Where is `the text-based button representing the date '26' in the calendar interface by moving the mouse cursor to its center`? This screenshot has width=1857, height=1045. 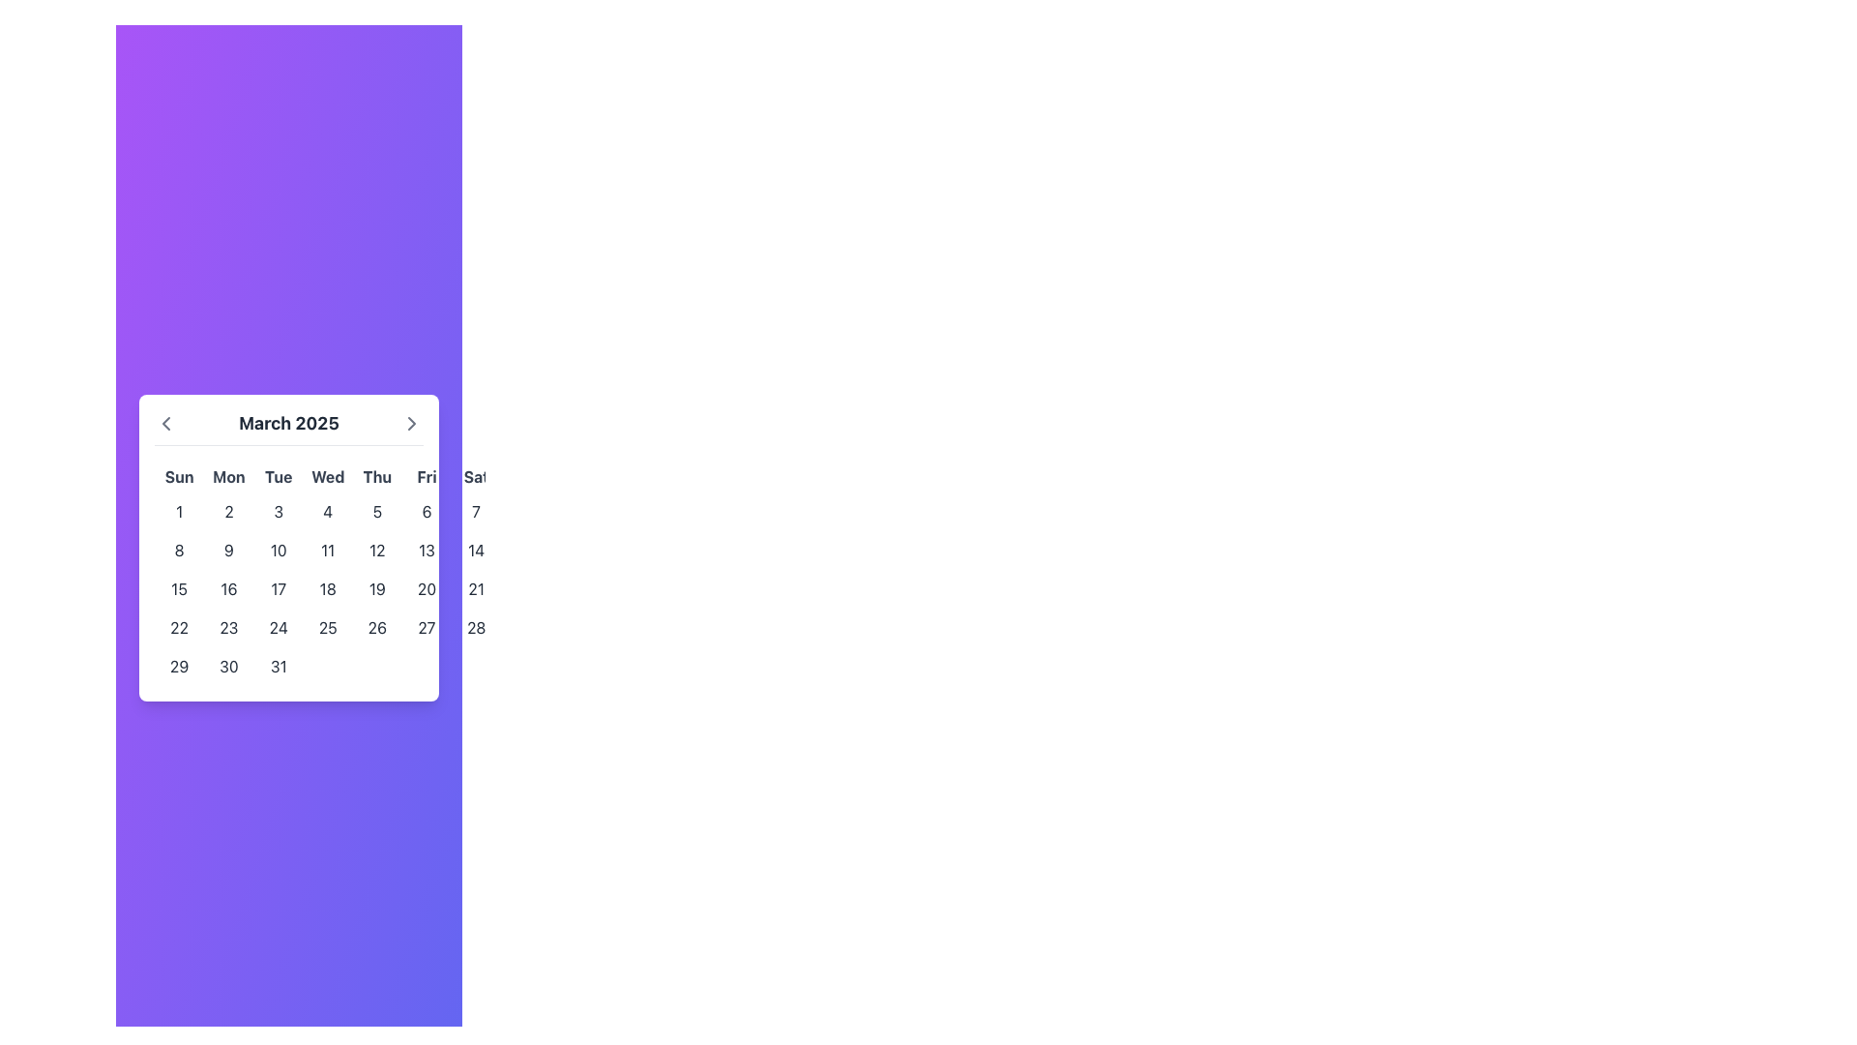 the text-based button representing the date '26' in the calendar interface by moving the mouse cursor to its center is located at coordinates (377, 627).